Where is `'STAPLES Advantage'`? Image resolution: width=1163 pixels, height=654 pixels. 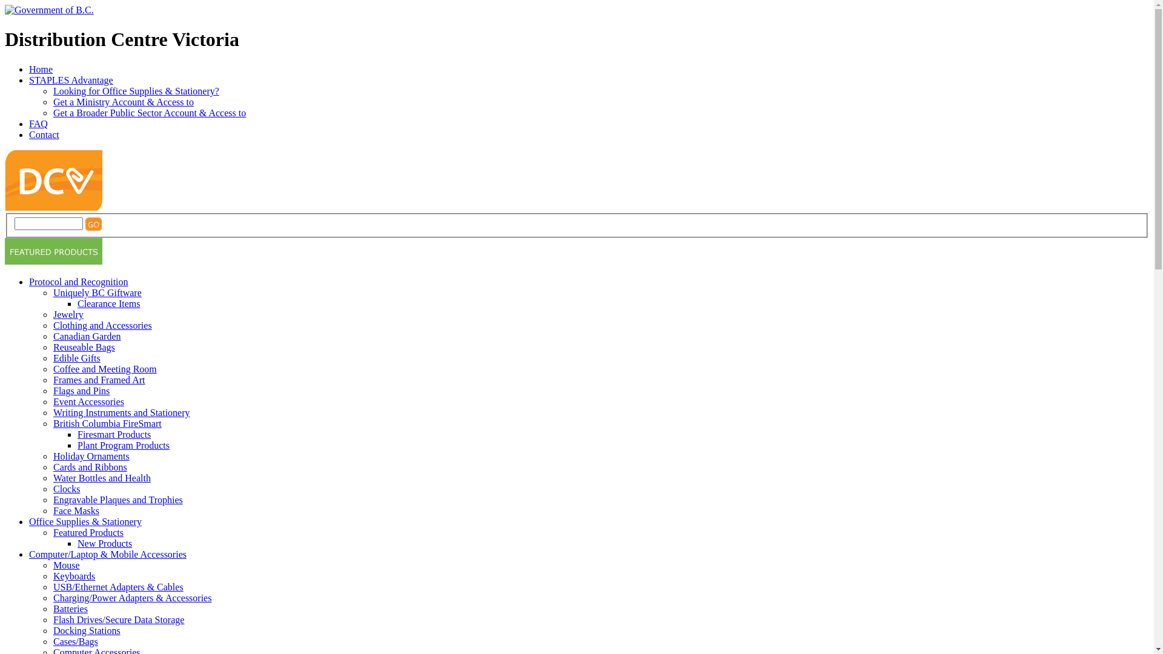 'STAPLES Advantage' is located at coordinates (29, 80).